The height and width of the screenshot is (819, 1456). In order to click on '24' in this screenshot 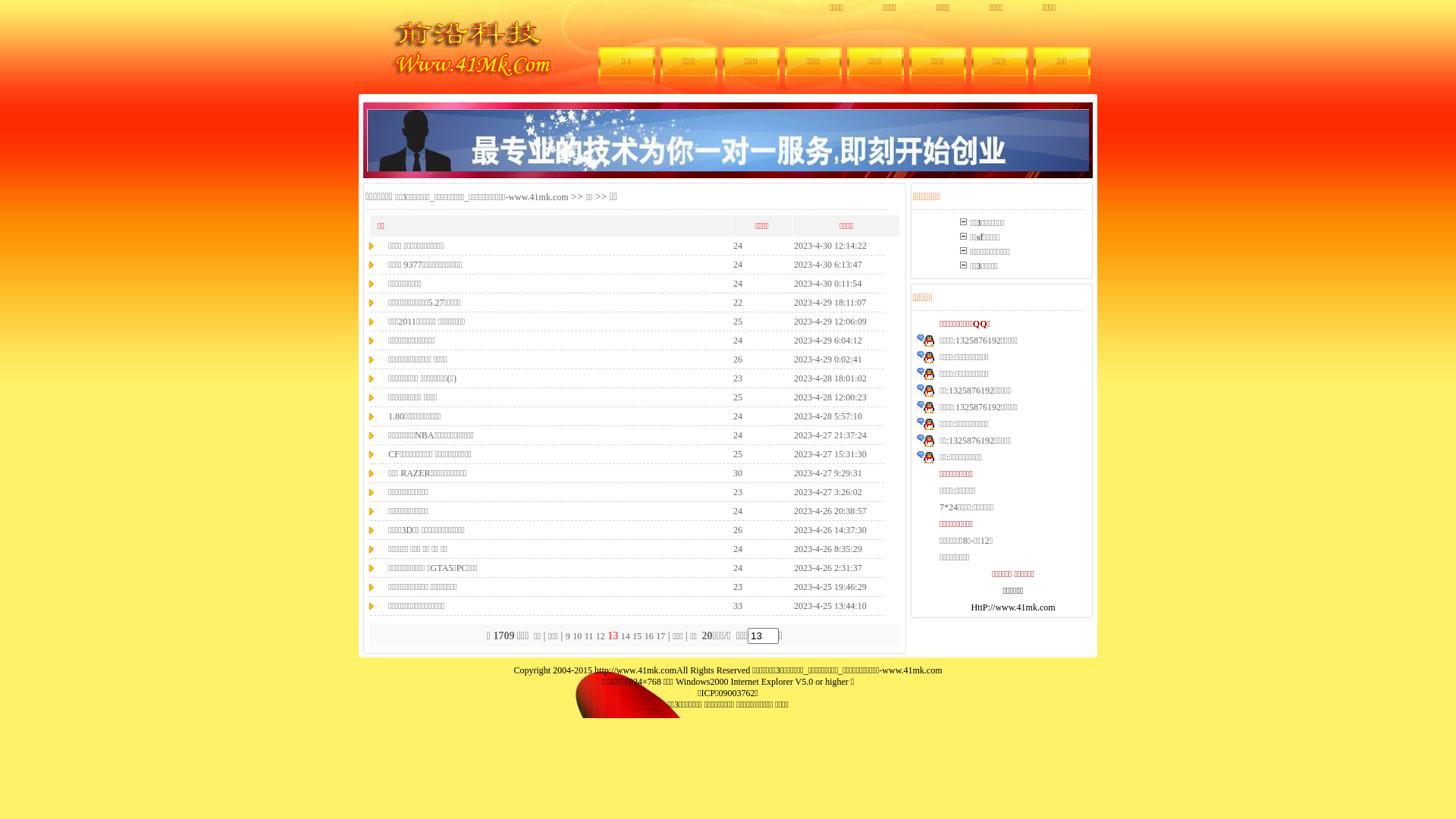, I will do `click(733, 244)`.